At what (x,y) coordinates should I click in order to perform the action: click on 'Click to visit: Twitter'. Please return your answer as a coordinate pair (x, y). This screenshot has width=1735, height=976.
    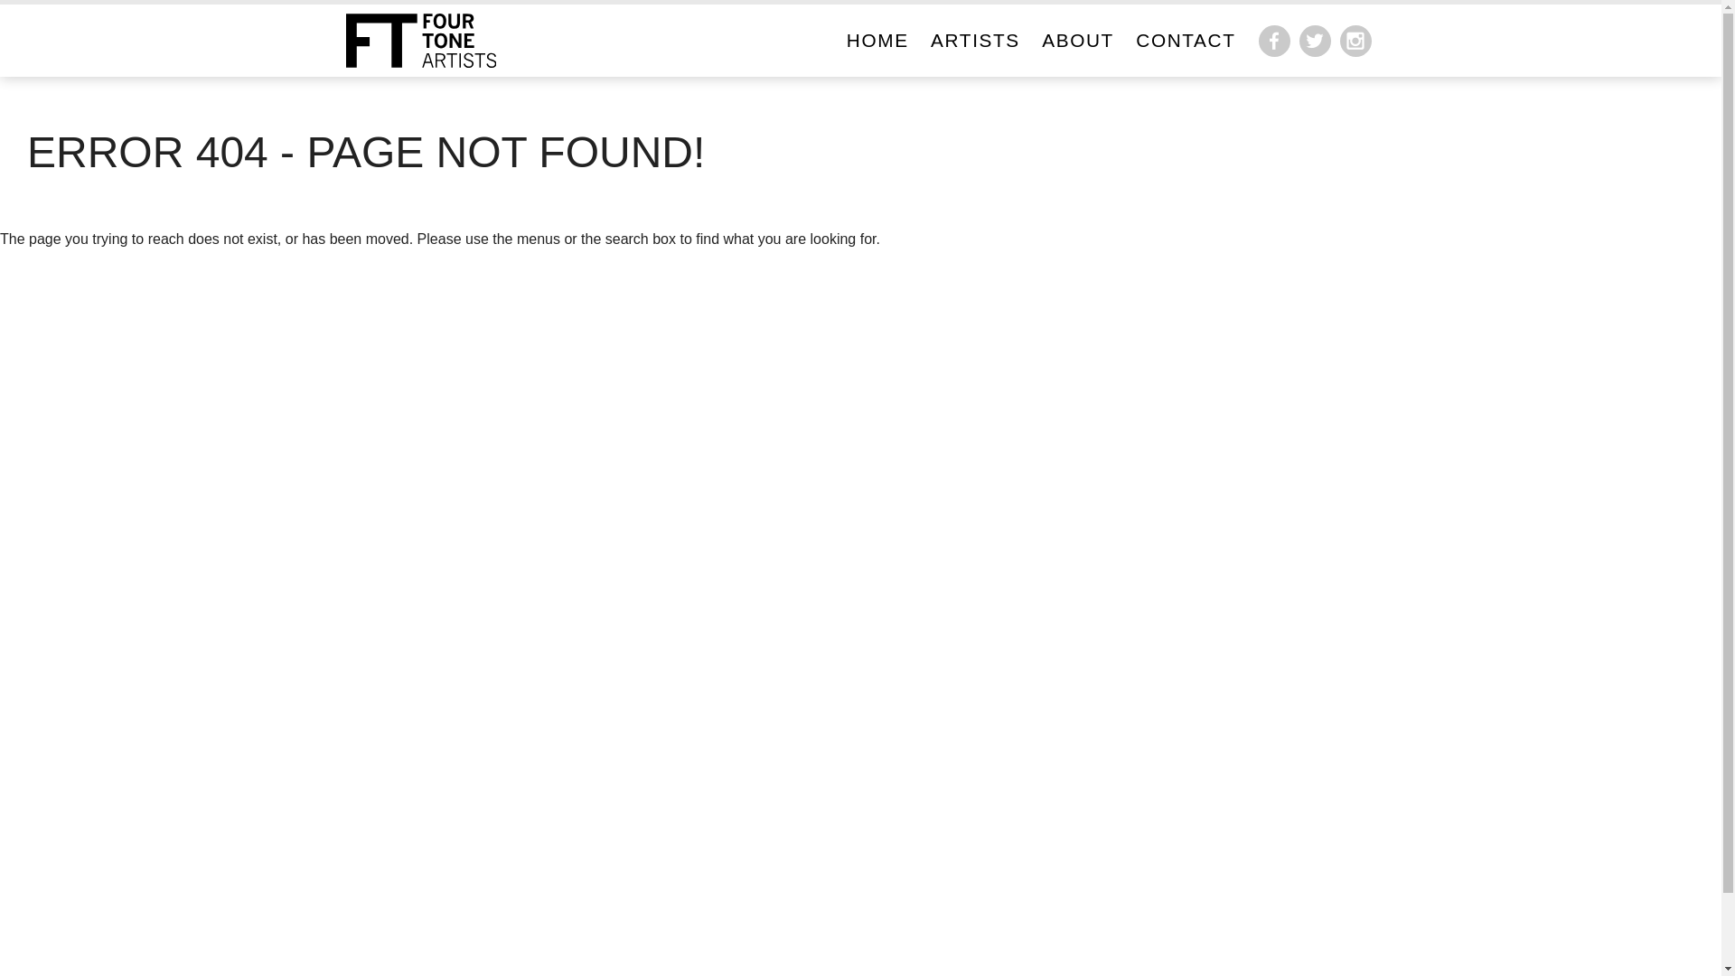
    Looking at the image, I should click on (1315, 41).